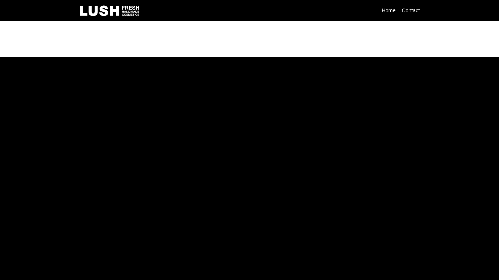 The width and height of the screenshot is (499, 280). I want to click on 'Lush Fresh Handmade Cosmetics', so click(109, 11).